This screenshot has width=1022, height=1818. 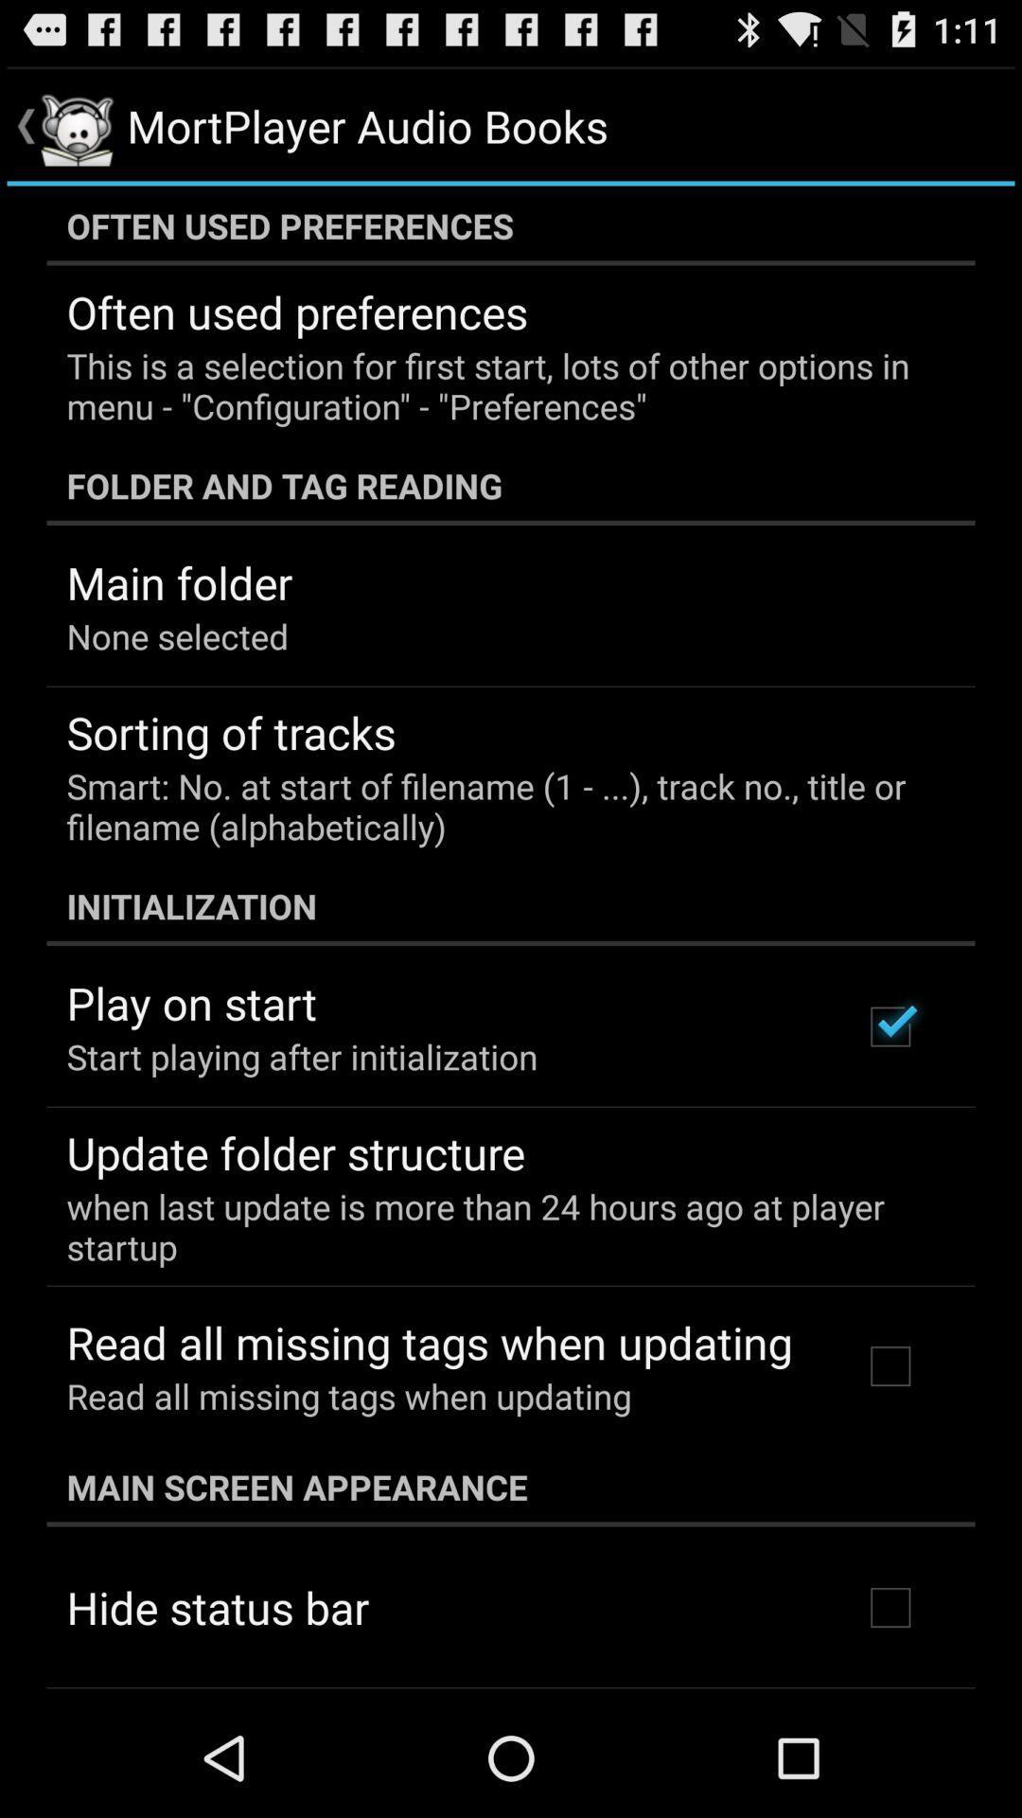 What do you see at coordinates (295, 1151) in the screenshot?
I see `item above the when last update app` at bounding box center [295, 1151].